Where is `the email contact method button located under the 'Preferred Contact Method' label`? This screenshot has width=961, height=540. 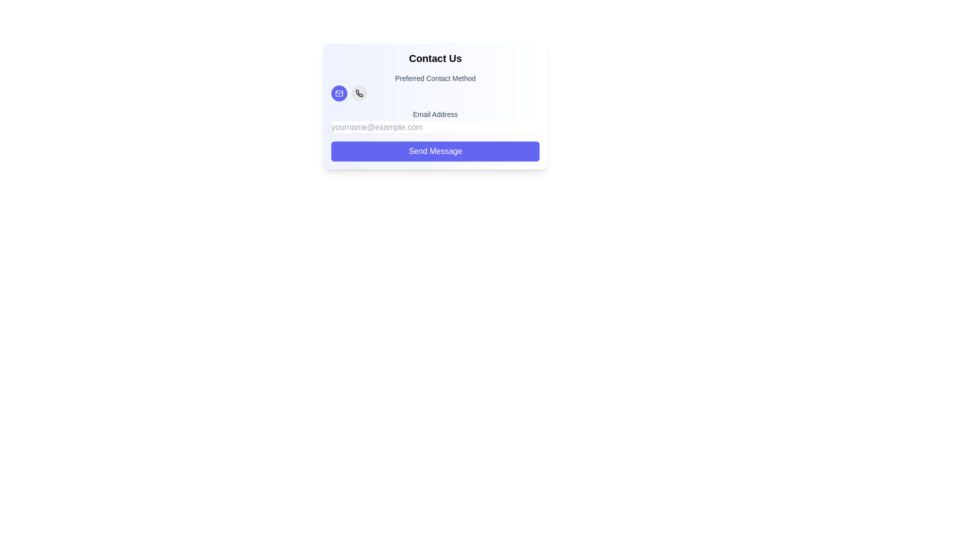 the email contact method button located under the 'Preferred Contact Method' label is located at coordinates (339, 93).